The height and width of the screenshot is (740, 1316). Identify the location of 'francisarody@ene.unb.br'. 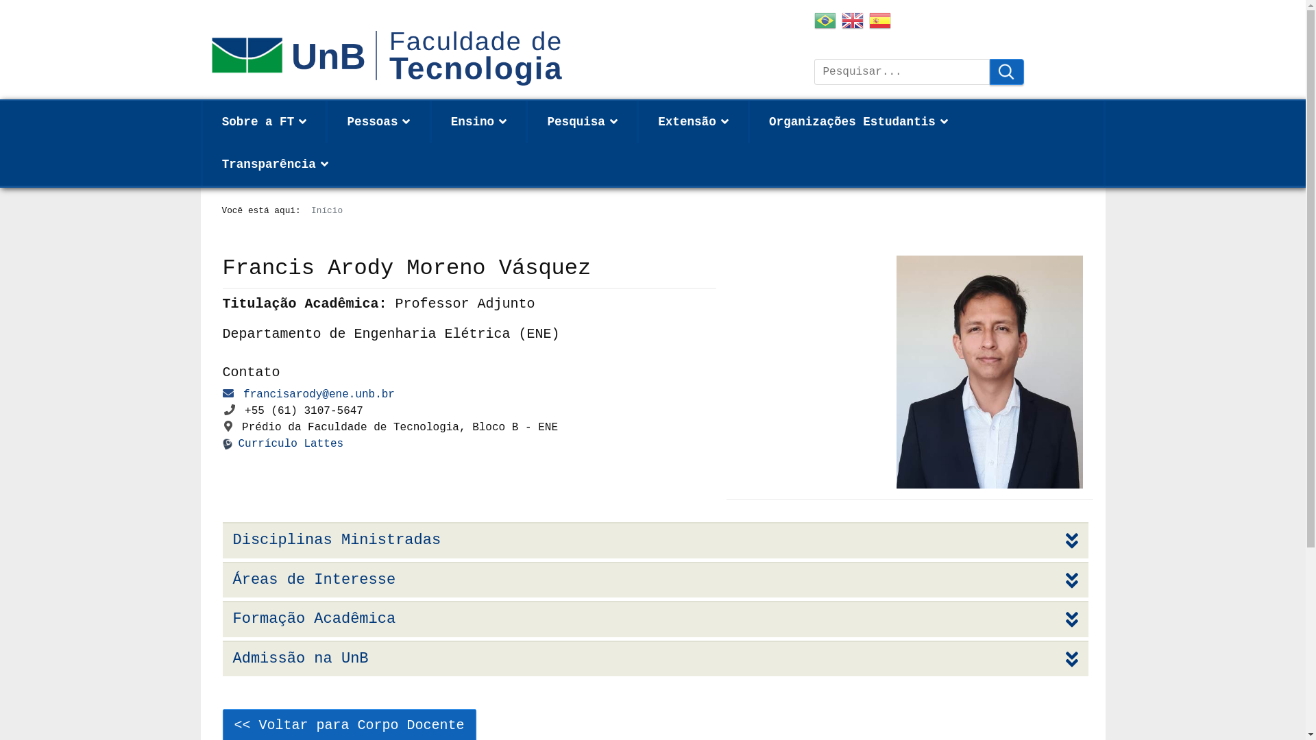
(318, 394).